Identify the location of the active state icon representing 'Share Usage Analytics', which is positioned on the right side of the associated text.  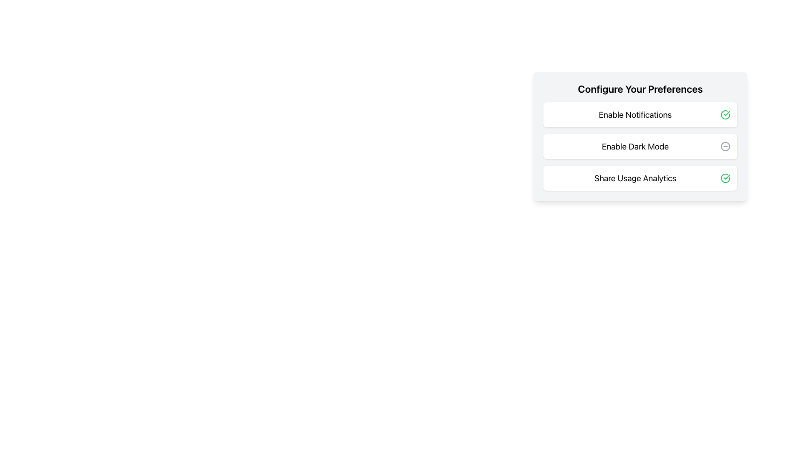
(725, 178).